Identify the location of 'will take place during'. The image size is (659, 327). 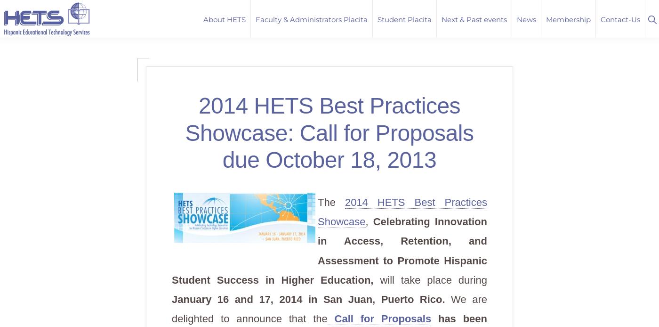
(433, 279).